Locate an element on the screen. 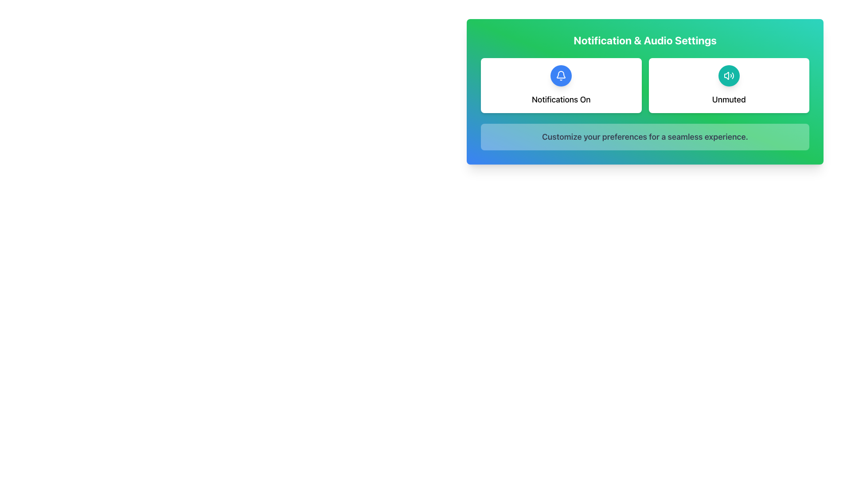 Image resolution: width=851 pixels, height=479 pixels. the bell icon within the 'Notifications On' button located on the green-and-blue gradient panel is located at coordinates (561, 75).